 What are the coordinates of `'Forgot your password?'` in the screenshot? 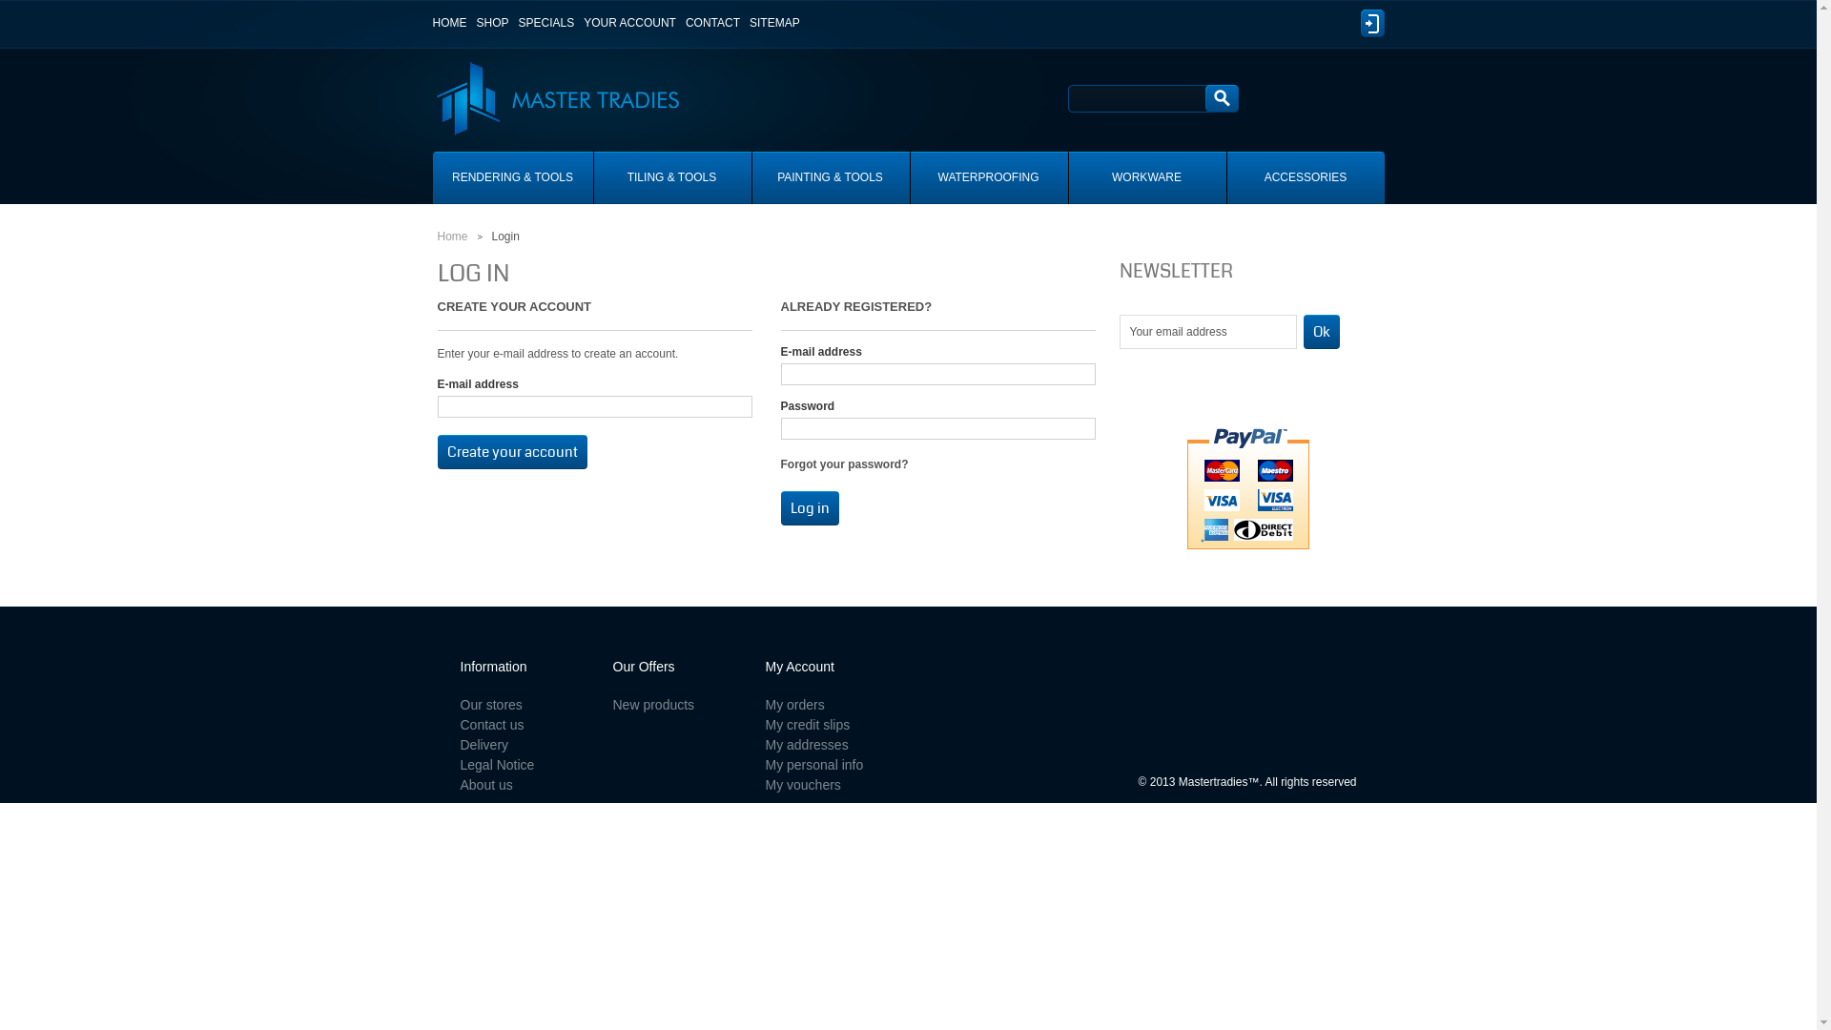 It's located at (842, 463).